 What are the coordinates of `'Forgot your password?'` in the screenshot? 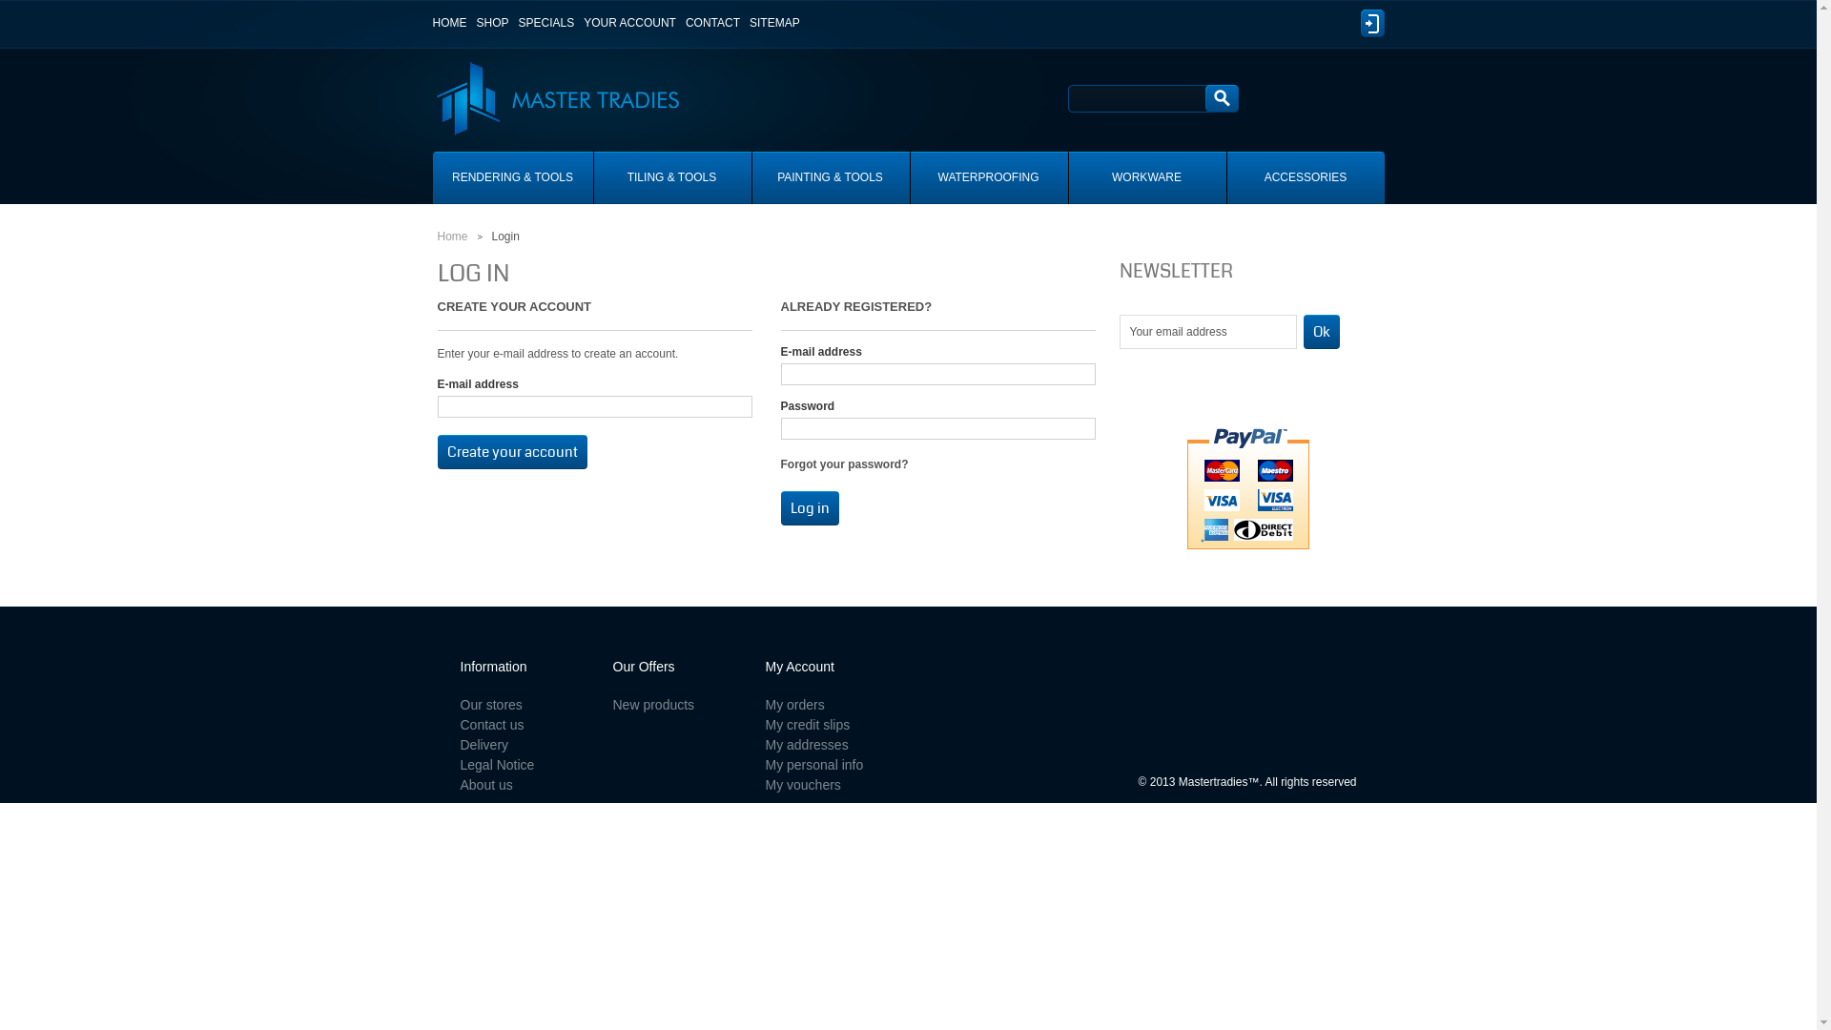 It's located at (842, 463).